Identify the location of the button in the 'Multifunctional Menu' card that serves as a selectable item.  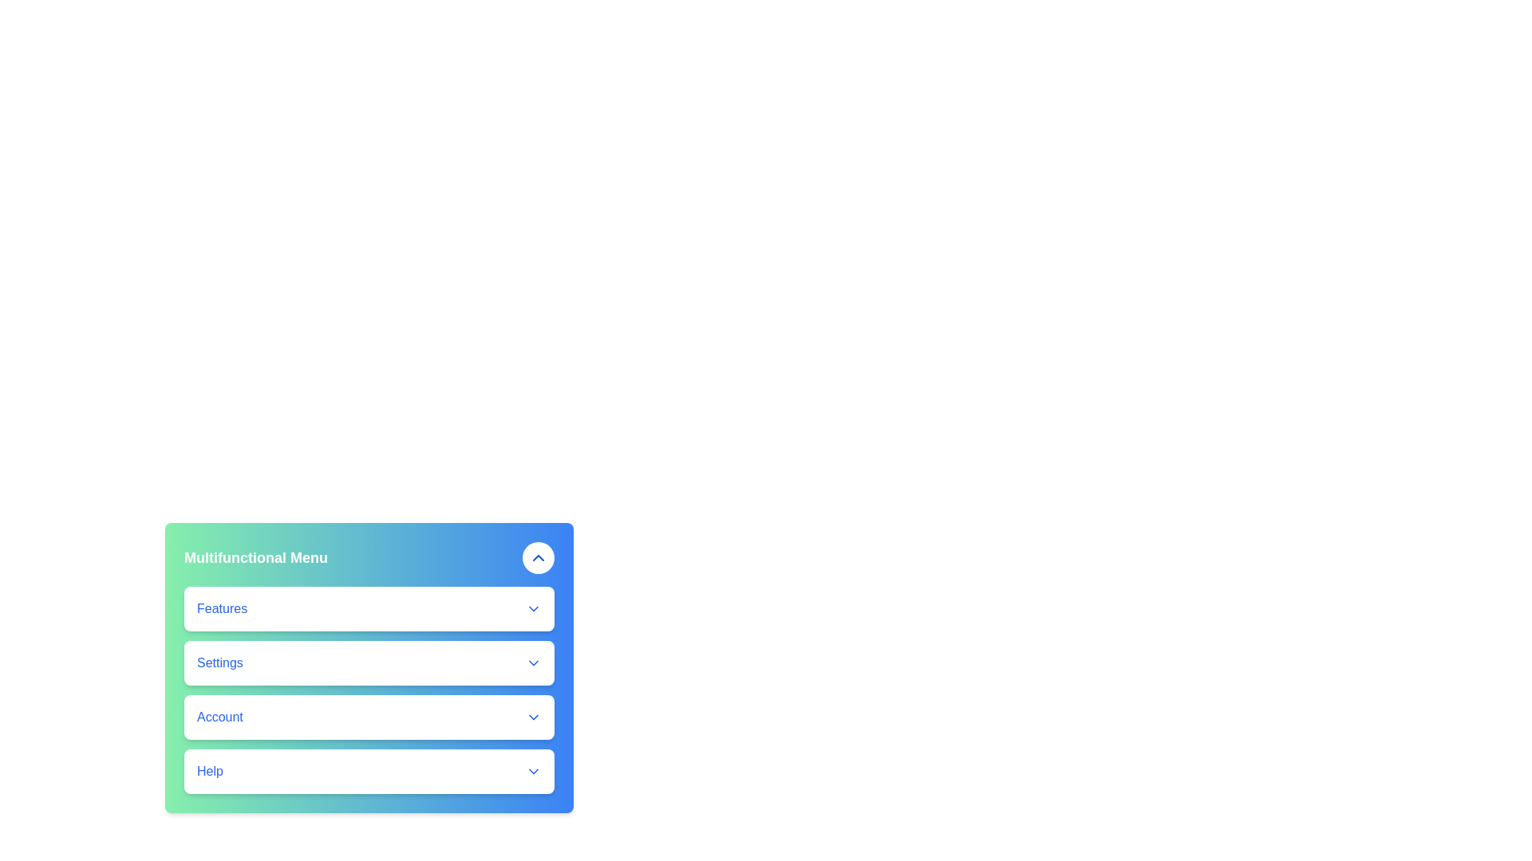
(368, 663).